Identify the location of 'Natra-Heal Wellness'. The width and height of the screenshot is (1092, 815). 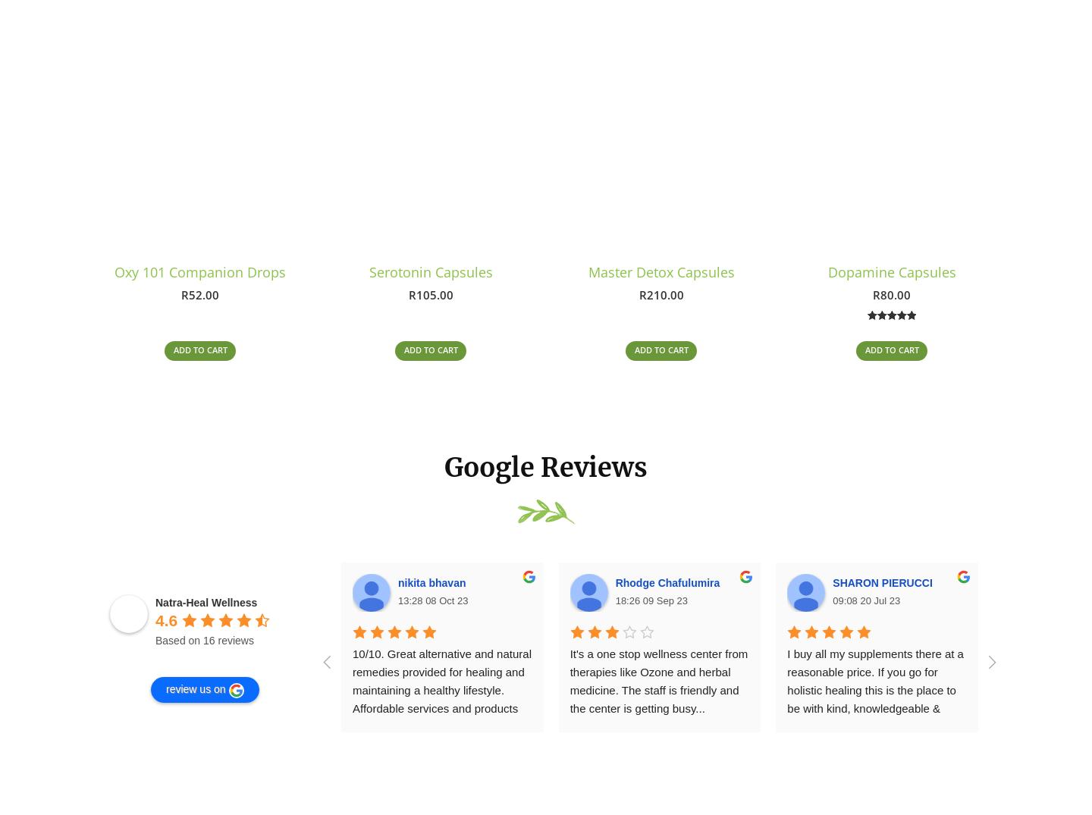
(206, 608).